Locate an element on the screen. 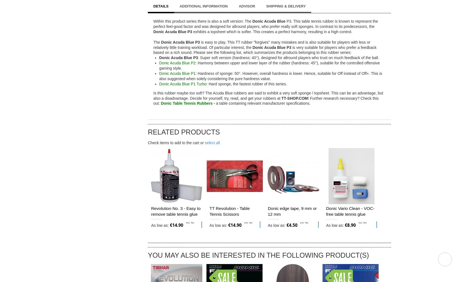 This screenshot has height=282, width=456. 'TT-SHOP.COM' is located at coordinates (294, 98).